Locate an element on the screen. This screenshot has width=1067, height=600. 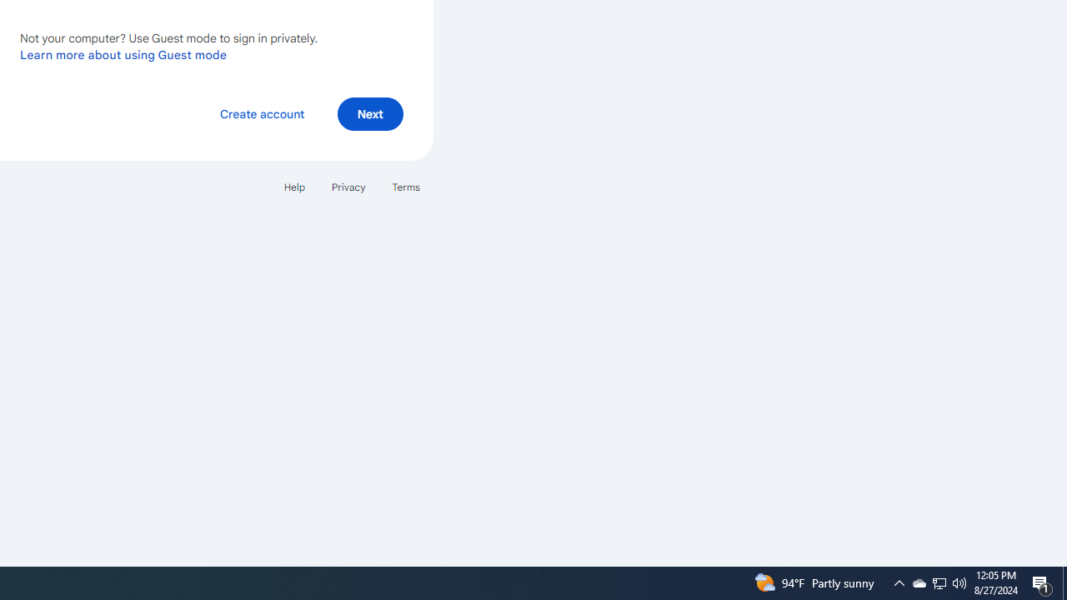
'Learn more about using Guest mode' is located at coordinates (123, 53).